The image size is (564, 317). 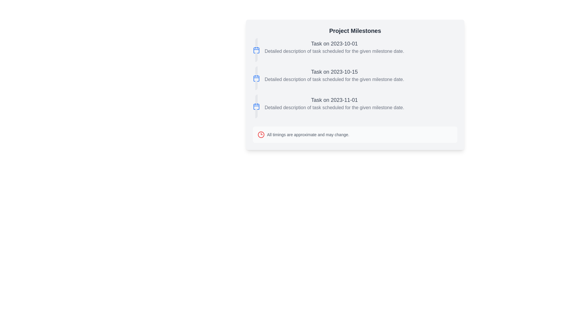 I want to click on the second task entry in the 'Project Milestones' list, which details the title and description of a scheduled task, so click(x=355, y=78).